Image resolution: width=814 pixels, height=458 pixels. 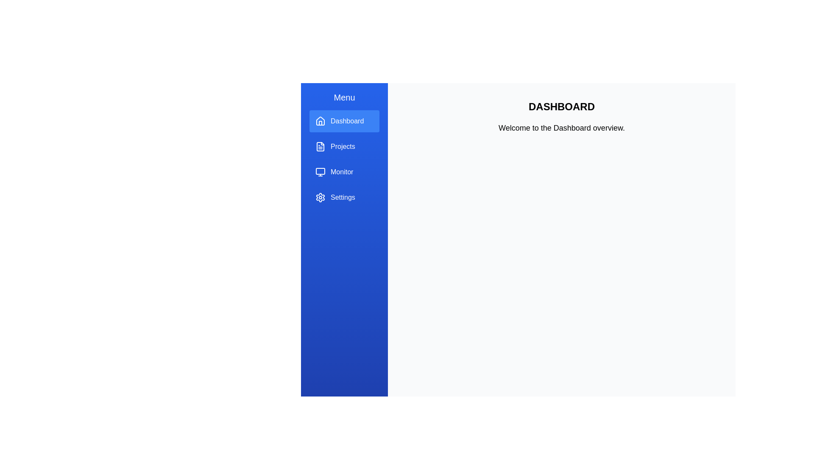 I want to click on the title or heading text element that provides context or identification above the 'Welcome to the Dashboard overview.' text, so click(x=561, y=106).